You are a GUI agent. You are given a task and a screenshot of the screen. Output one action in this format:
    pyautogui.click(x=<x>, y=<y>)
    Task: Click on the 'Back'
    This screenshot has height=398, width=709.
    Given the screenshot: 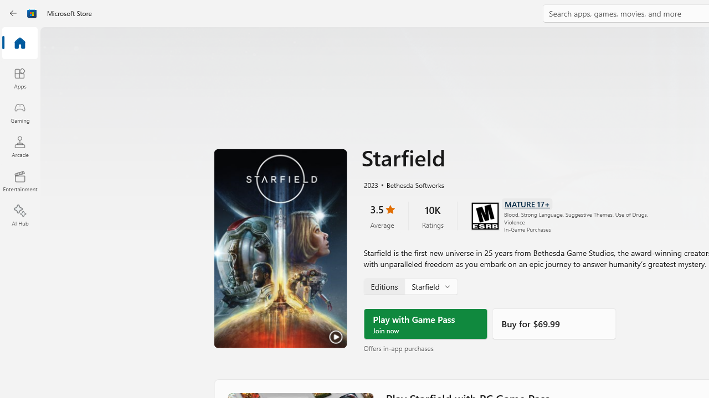 What is the action you would take?
    pyautogui.click(x=13, y=13)
    